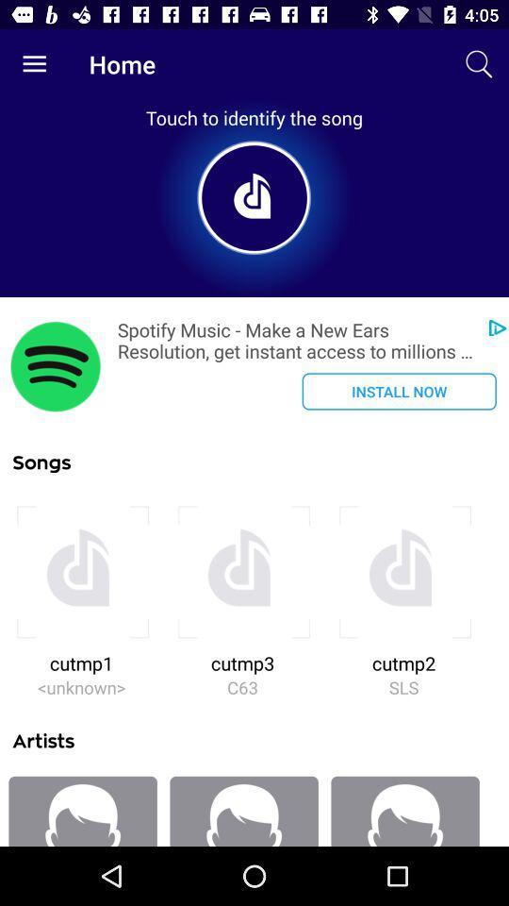 The height and width of the screenshot is (906, 509). What do you see at coordinates (56, 365) in the screenshot?
I see `app logo` at bounding box center [56, 365].